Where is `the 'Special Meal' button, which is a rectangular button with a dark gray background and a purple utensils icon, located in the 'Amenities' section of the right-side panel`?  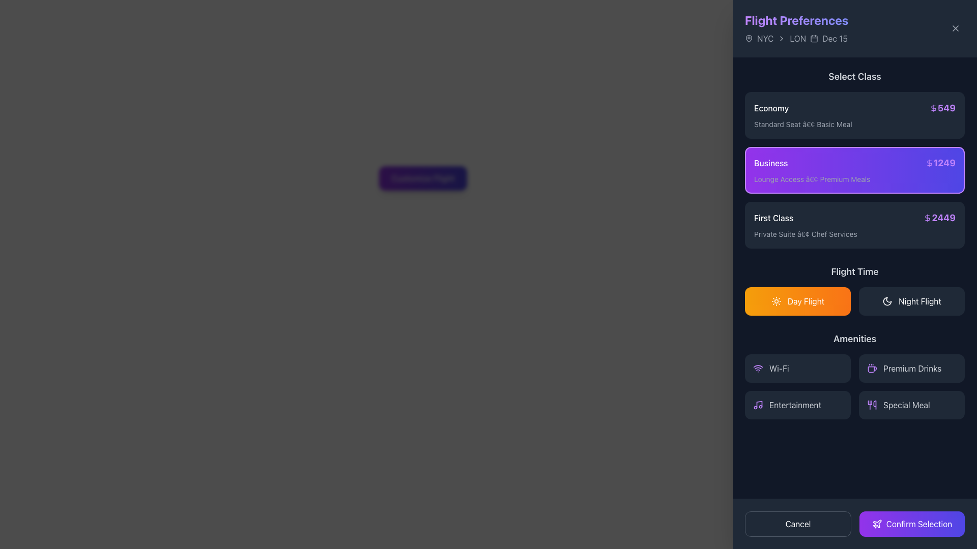
the 'Special Meal' button, which is a rectangular button with a dark gray background and a purple utensils icon, located in the 'Amenities' section of the right-side panel is located at coordinates (911, 405).